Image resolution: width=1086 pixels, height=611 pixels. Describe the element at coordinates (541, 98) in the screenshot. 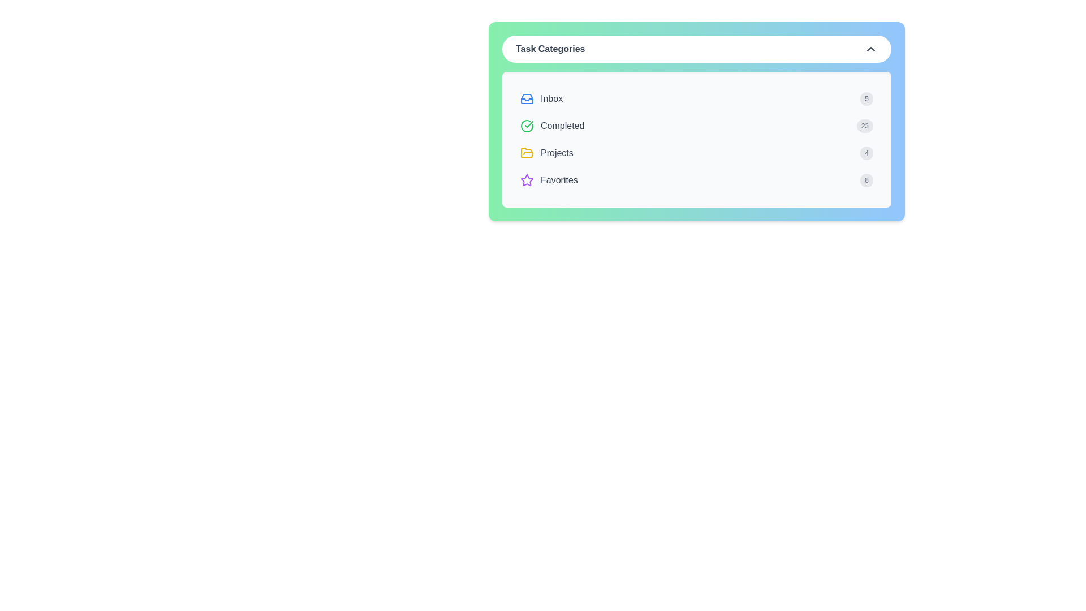

I see `the first List item labeled 'Inbox' with a blue outlined inbox icon` at that location.